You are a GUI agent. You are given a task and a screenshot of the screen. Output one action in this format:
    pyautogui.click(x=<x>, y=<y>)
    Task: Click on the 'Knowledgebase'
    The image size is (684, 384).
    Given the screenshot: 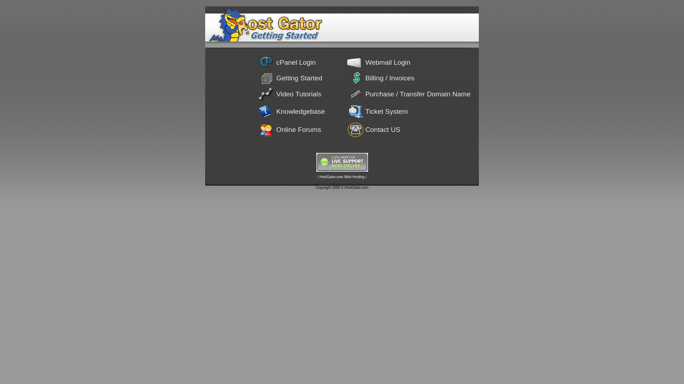 What is the action you would take?
    pyautogui.click(x=276, y=111)
    